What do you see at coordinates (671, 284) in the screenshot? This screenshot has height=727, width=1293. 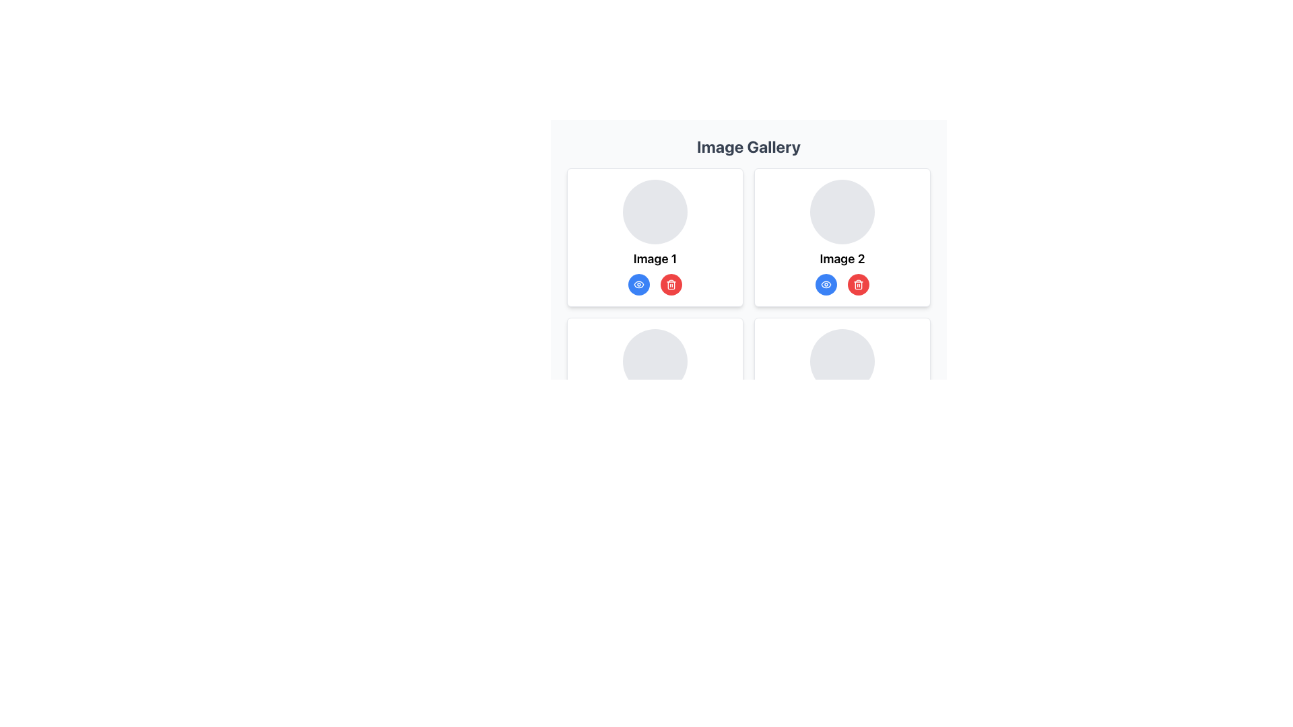 I see `the delete button, which is identified by its trash icon and is located to the immediate right of the blue circular button below 'Image 1'` at bounding box center [671, 284].